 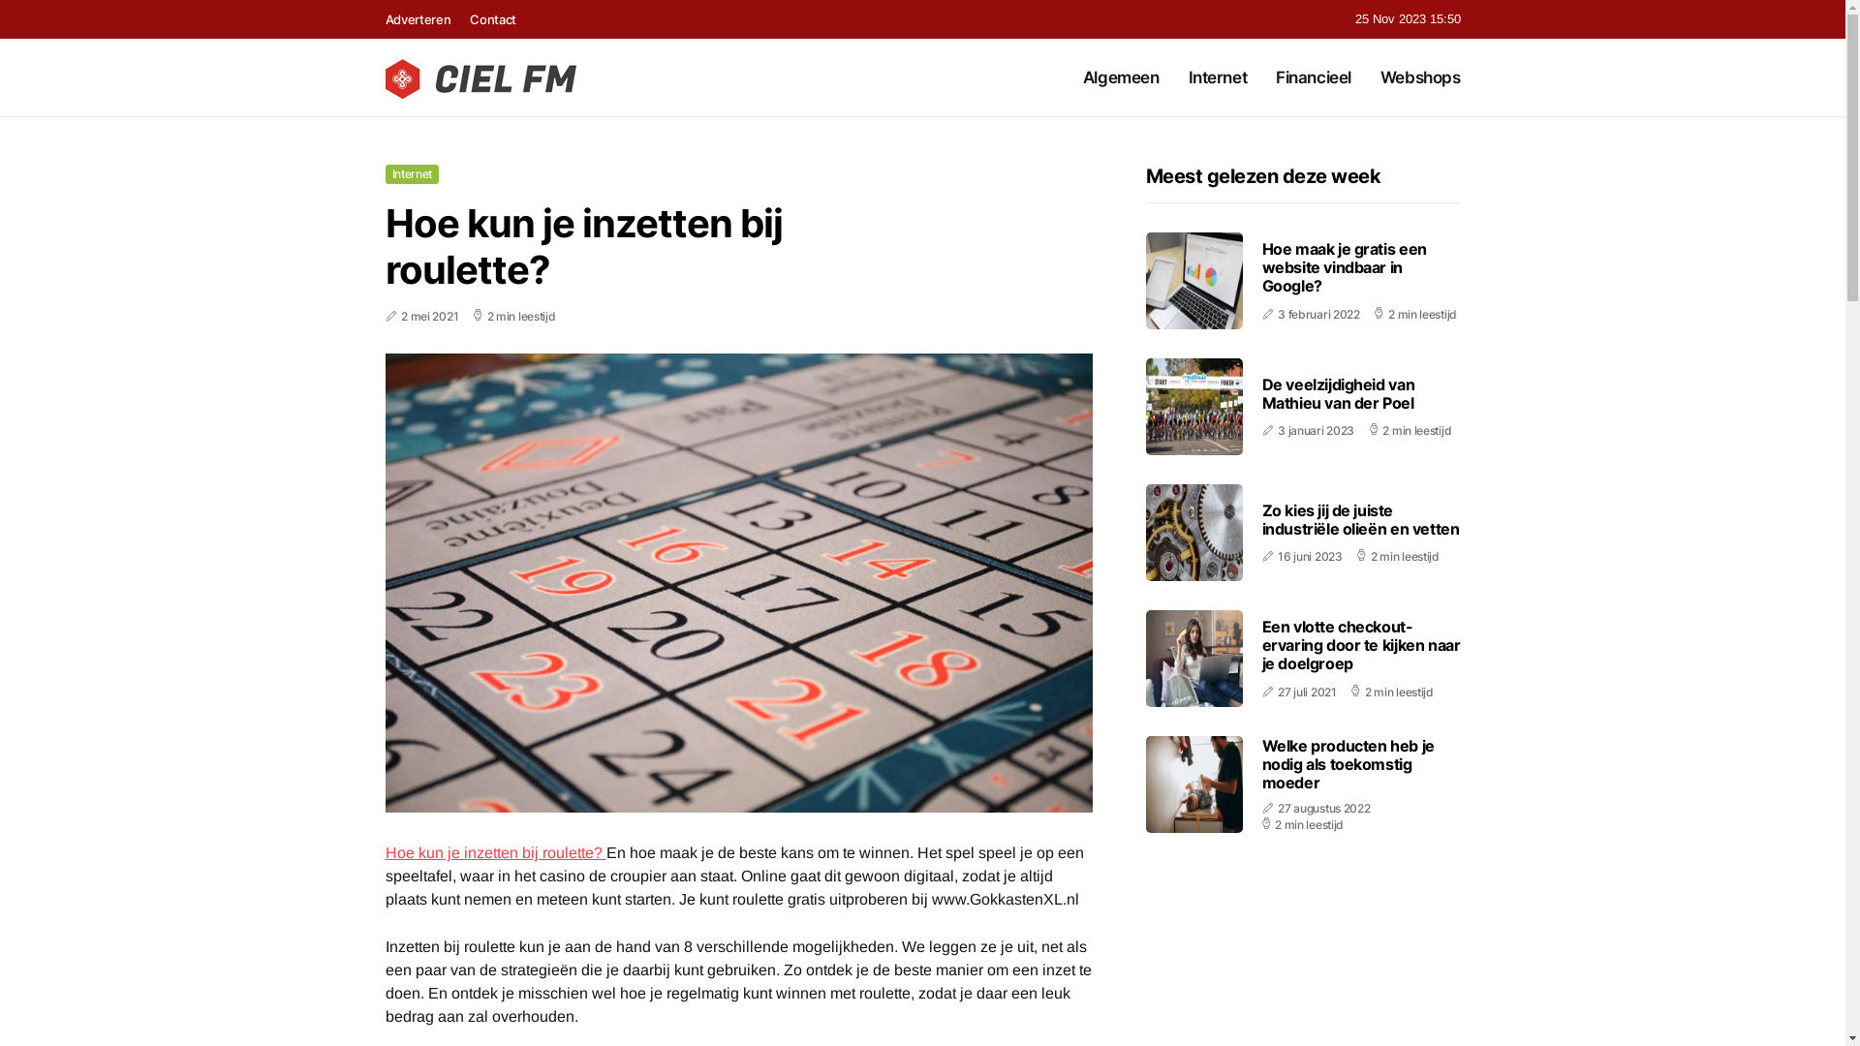 I want to click on 'Hoe maak je gratis een website vindbaar in Google?', so click(x=1343, y=267).